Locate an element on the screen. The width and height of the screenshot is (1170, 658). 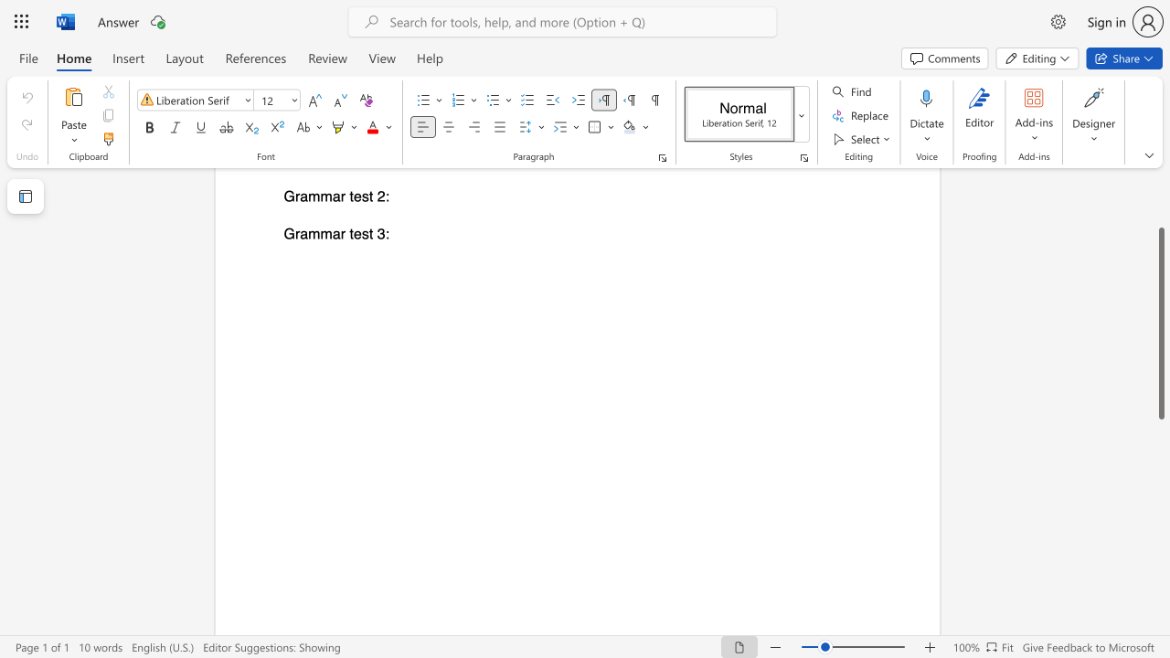
the scrollbar to scroll downward is located at coordinates (1160, 464).